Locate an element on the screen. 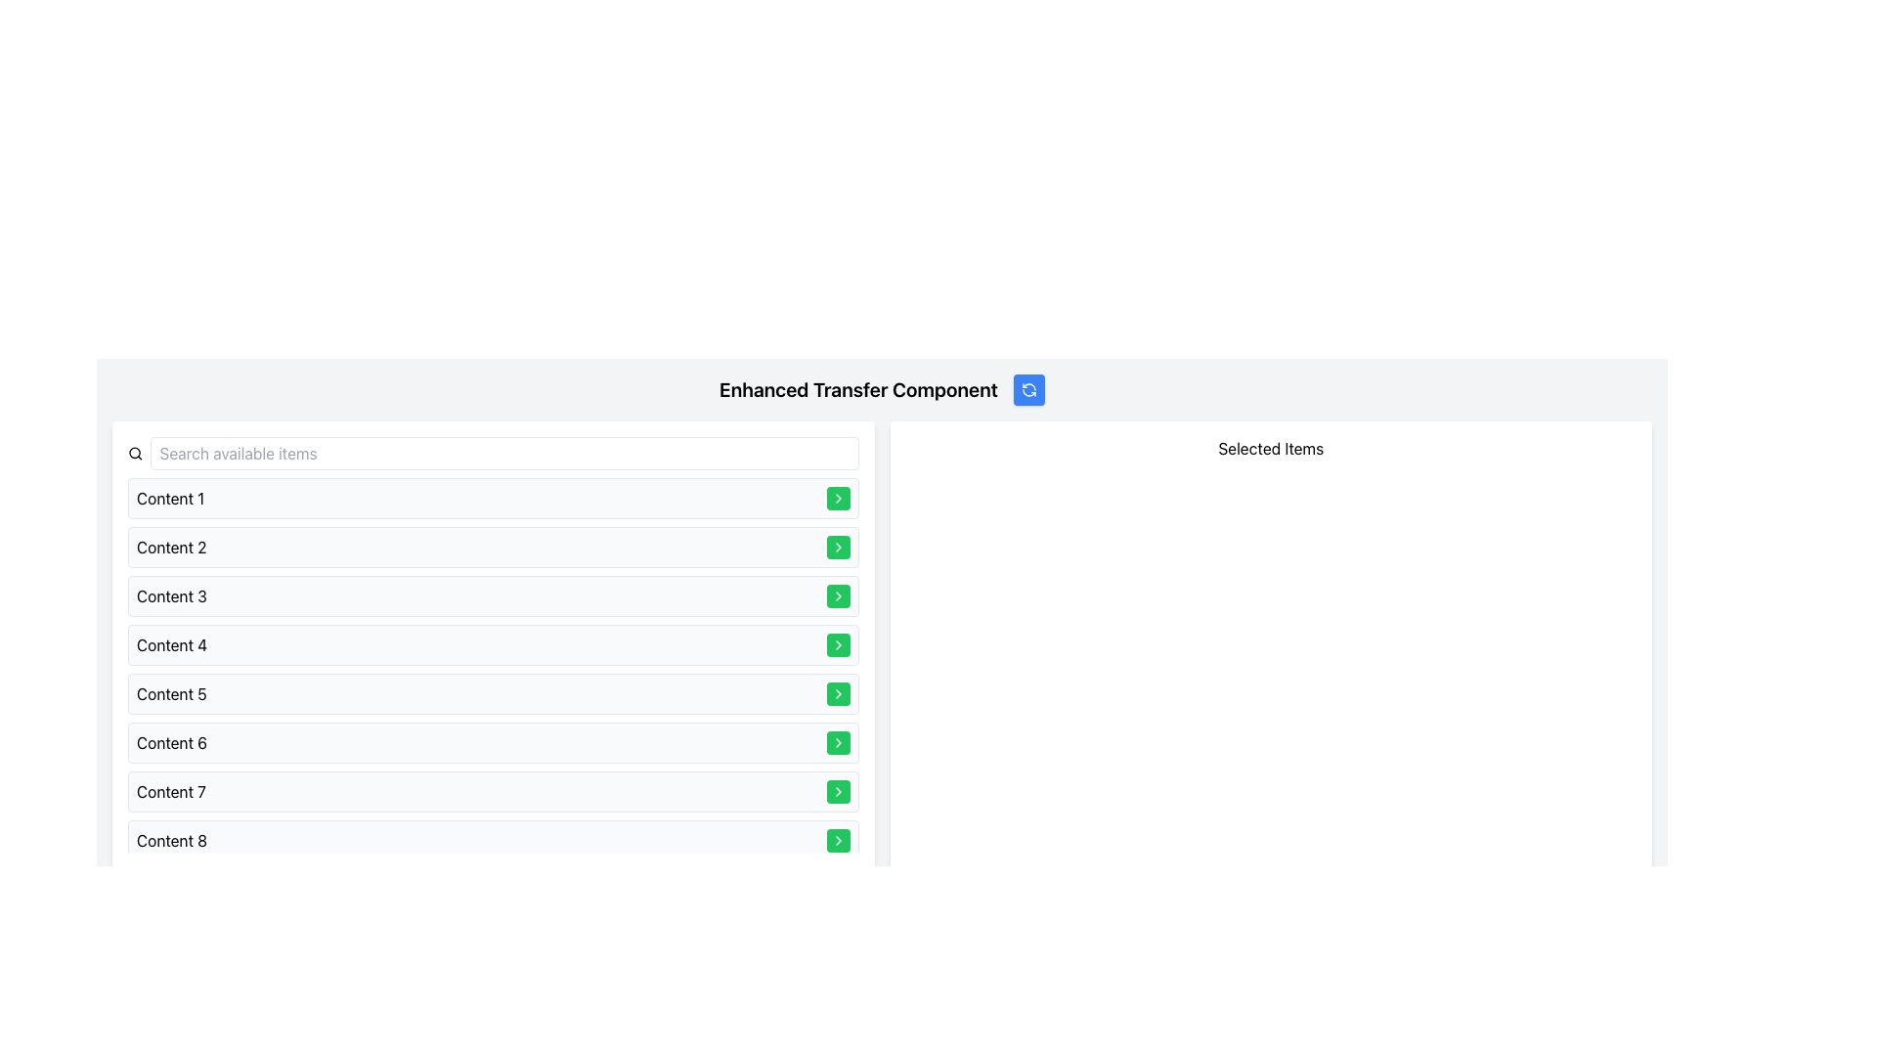 The image size is (1877, 1056). the Right-pointing chevron icon located to the far right of 'Content 8' within the green button is located at coordinates (838, 692).